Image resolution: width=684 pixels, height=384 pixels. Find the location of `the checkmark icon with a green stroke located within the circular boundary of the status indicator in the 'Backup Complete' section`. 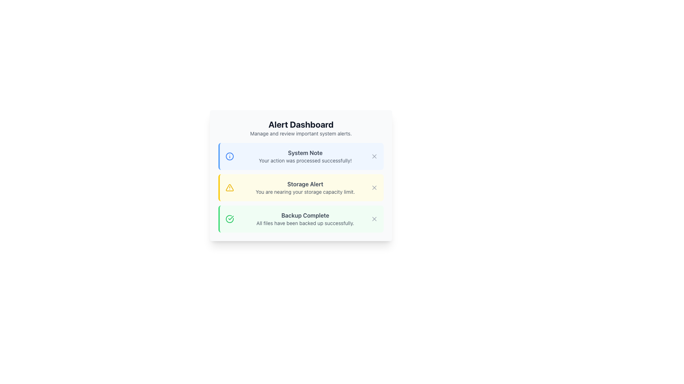

the checkmark icon with a green stroke located within the circular boundary of the status indicator in the 'Backup Complete' section is located at coordinates (231, 218).